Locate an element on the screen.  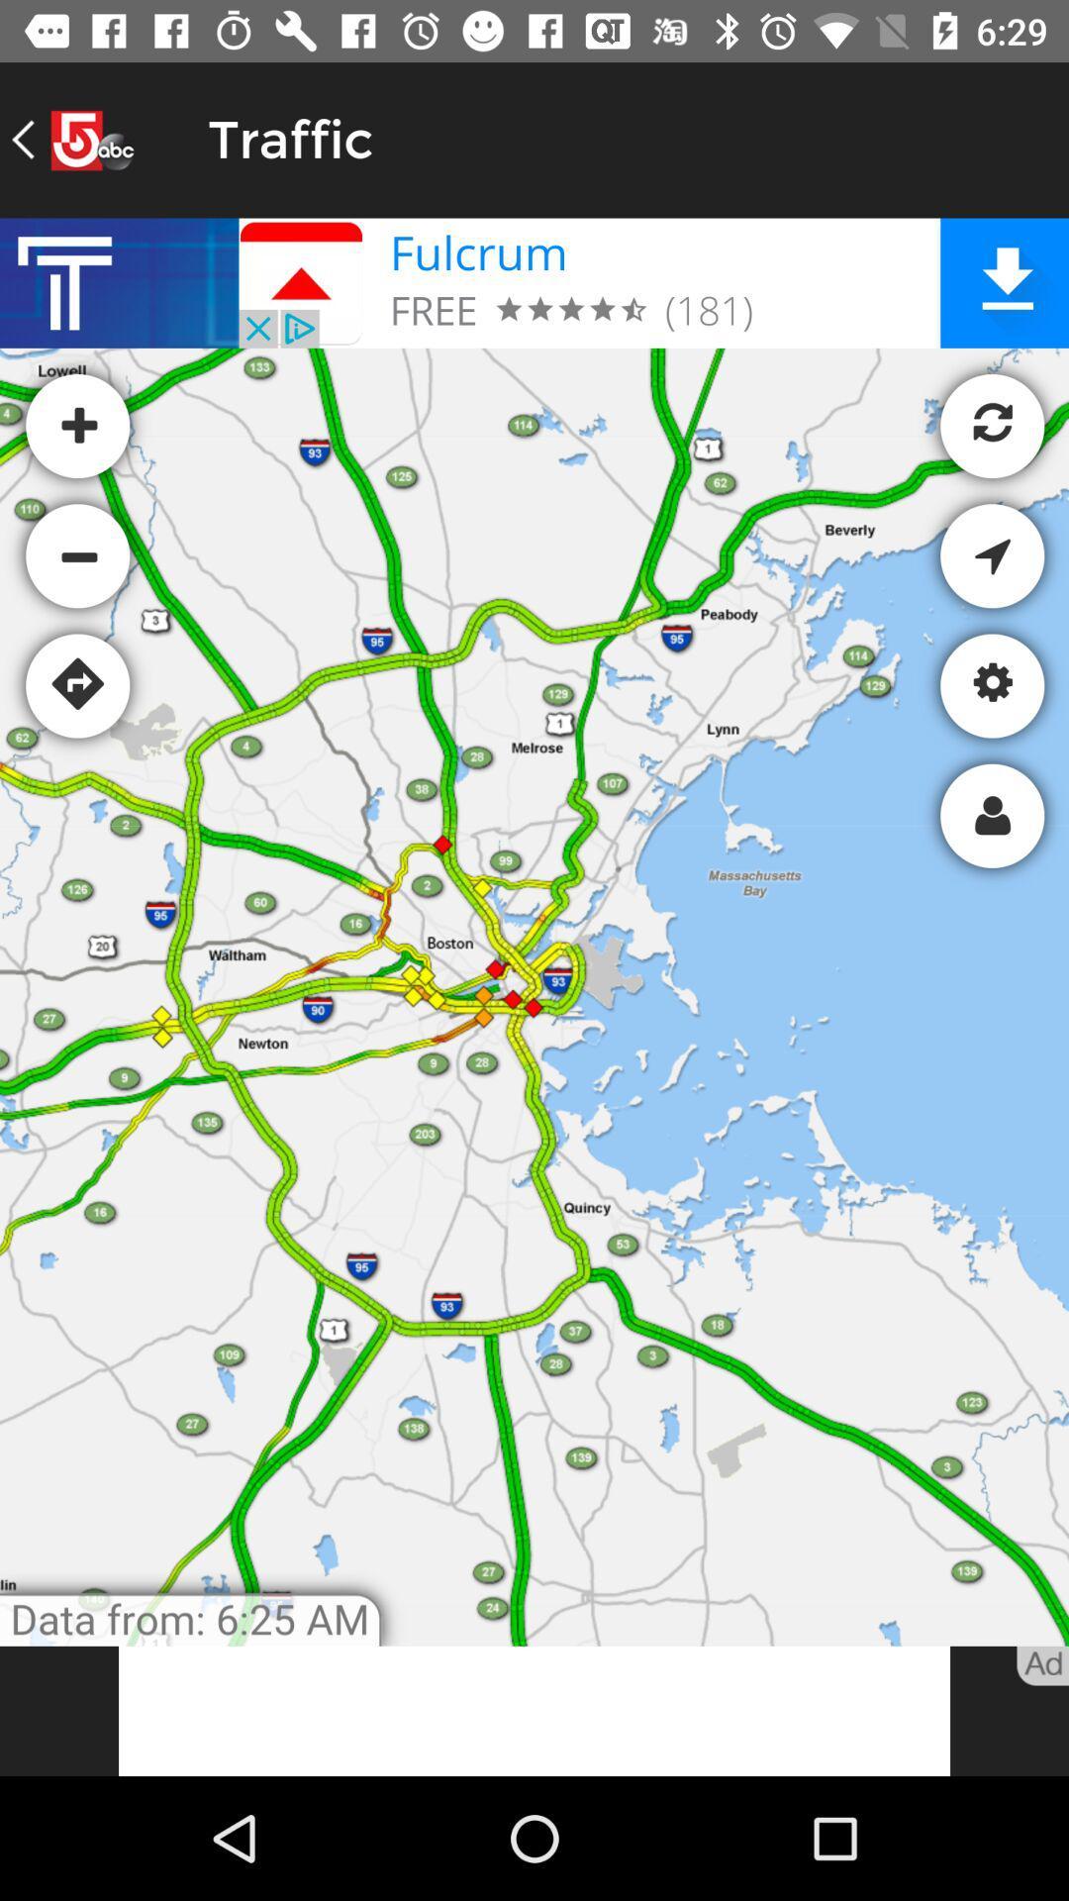
open advertisement is located at coordinates (534, 1710).